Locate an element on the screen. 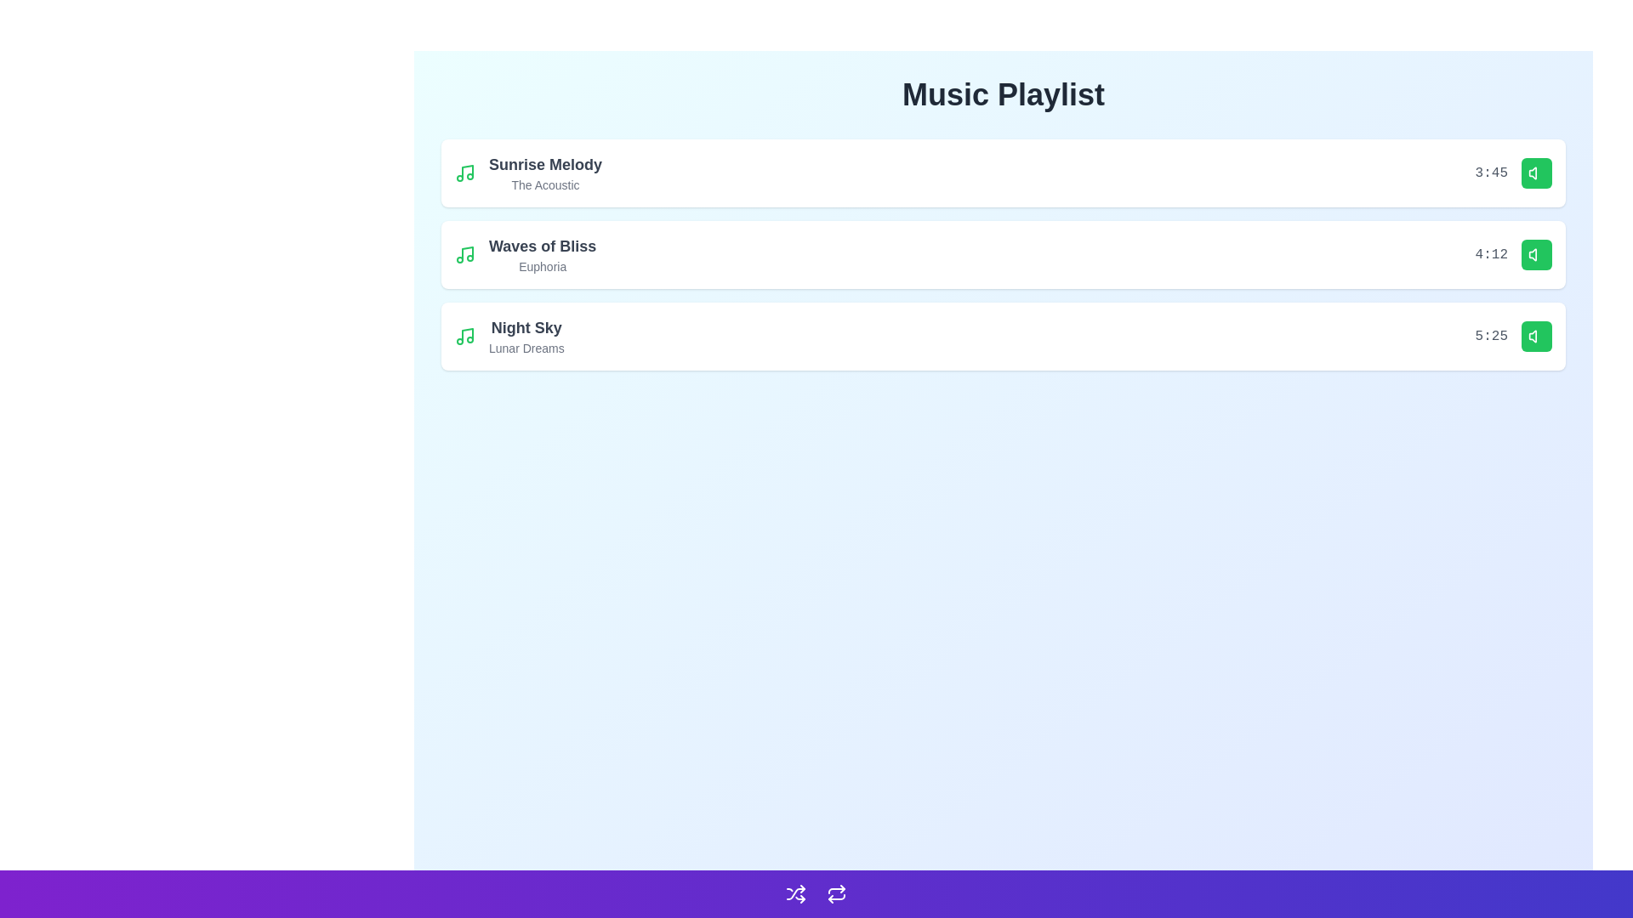 The image size is (1633, 918). the text label displaying 'Sunrise Melody' in bold charcoal gray, positioned above 'The Acoustic' in the music playlist interface is located at coordinates (545, 164).